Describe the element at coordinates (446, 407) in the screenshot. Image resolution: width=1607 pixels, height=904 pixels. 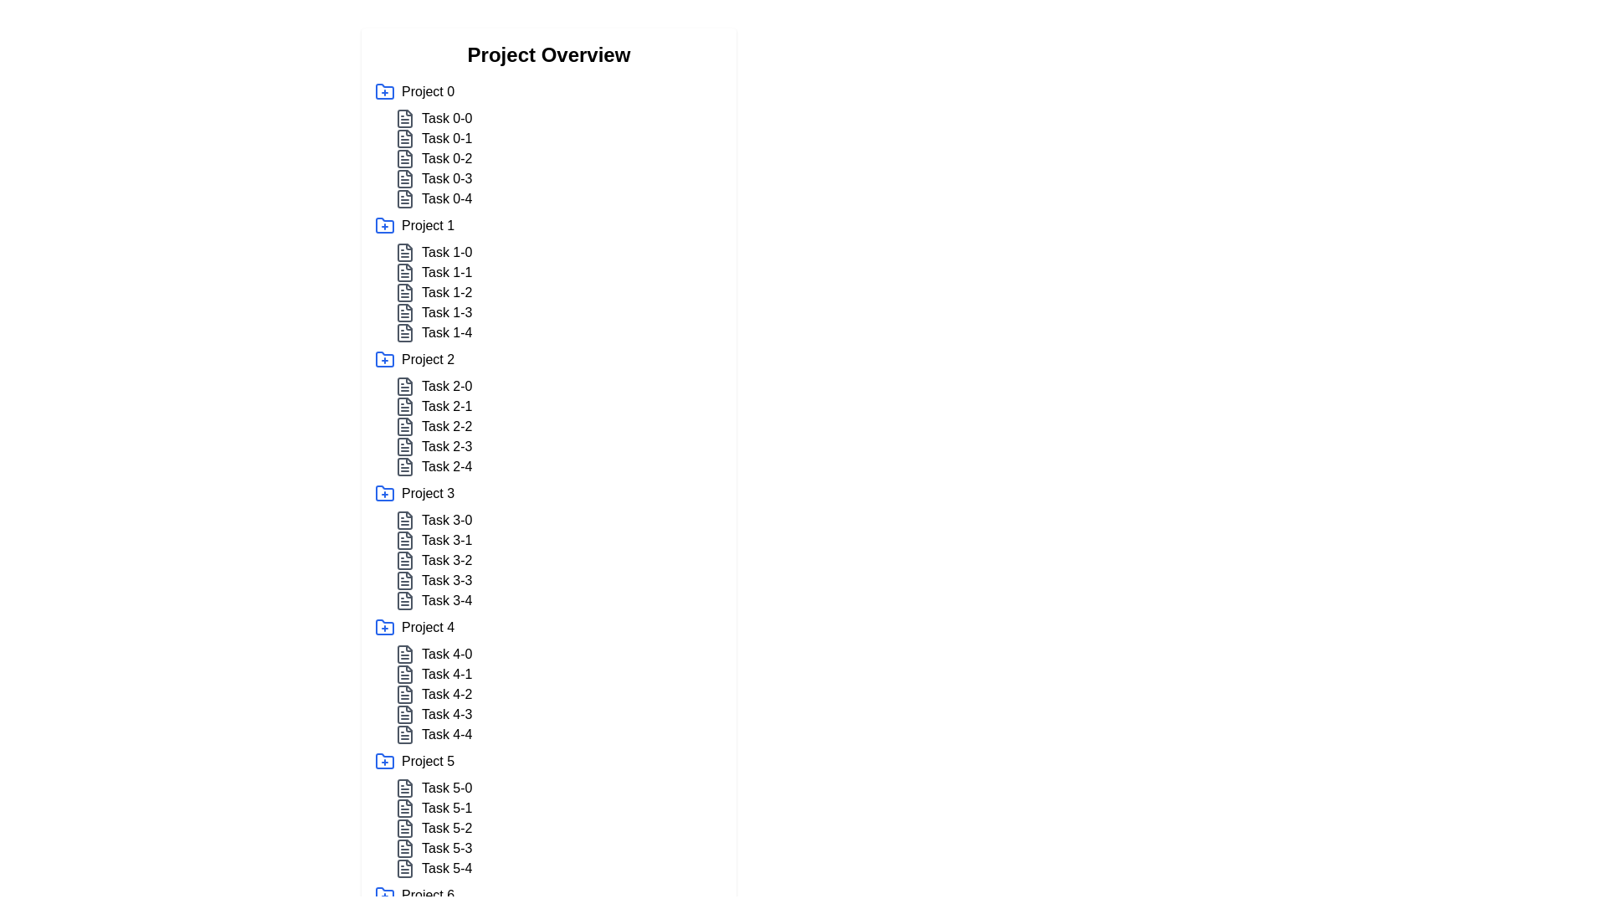
I see `the text label displaying 'Task 2-1'` at that location.